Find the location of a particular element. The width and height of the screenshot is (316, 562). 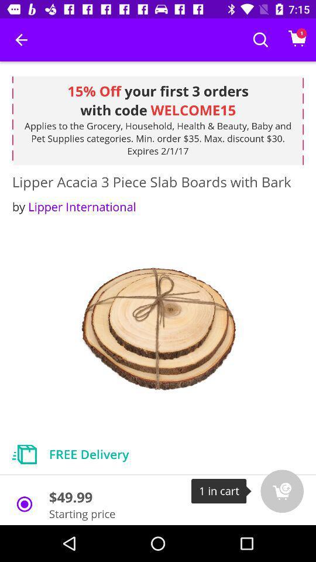

the cart icon is located at coordinates (281, 491).